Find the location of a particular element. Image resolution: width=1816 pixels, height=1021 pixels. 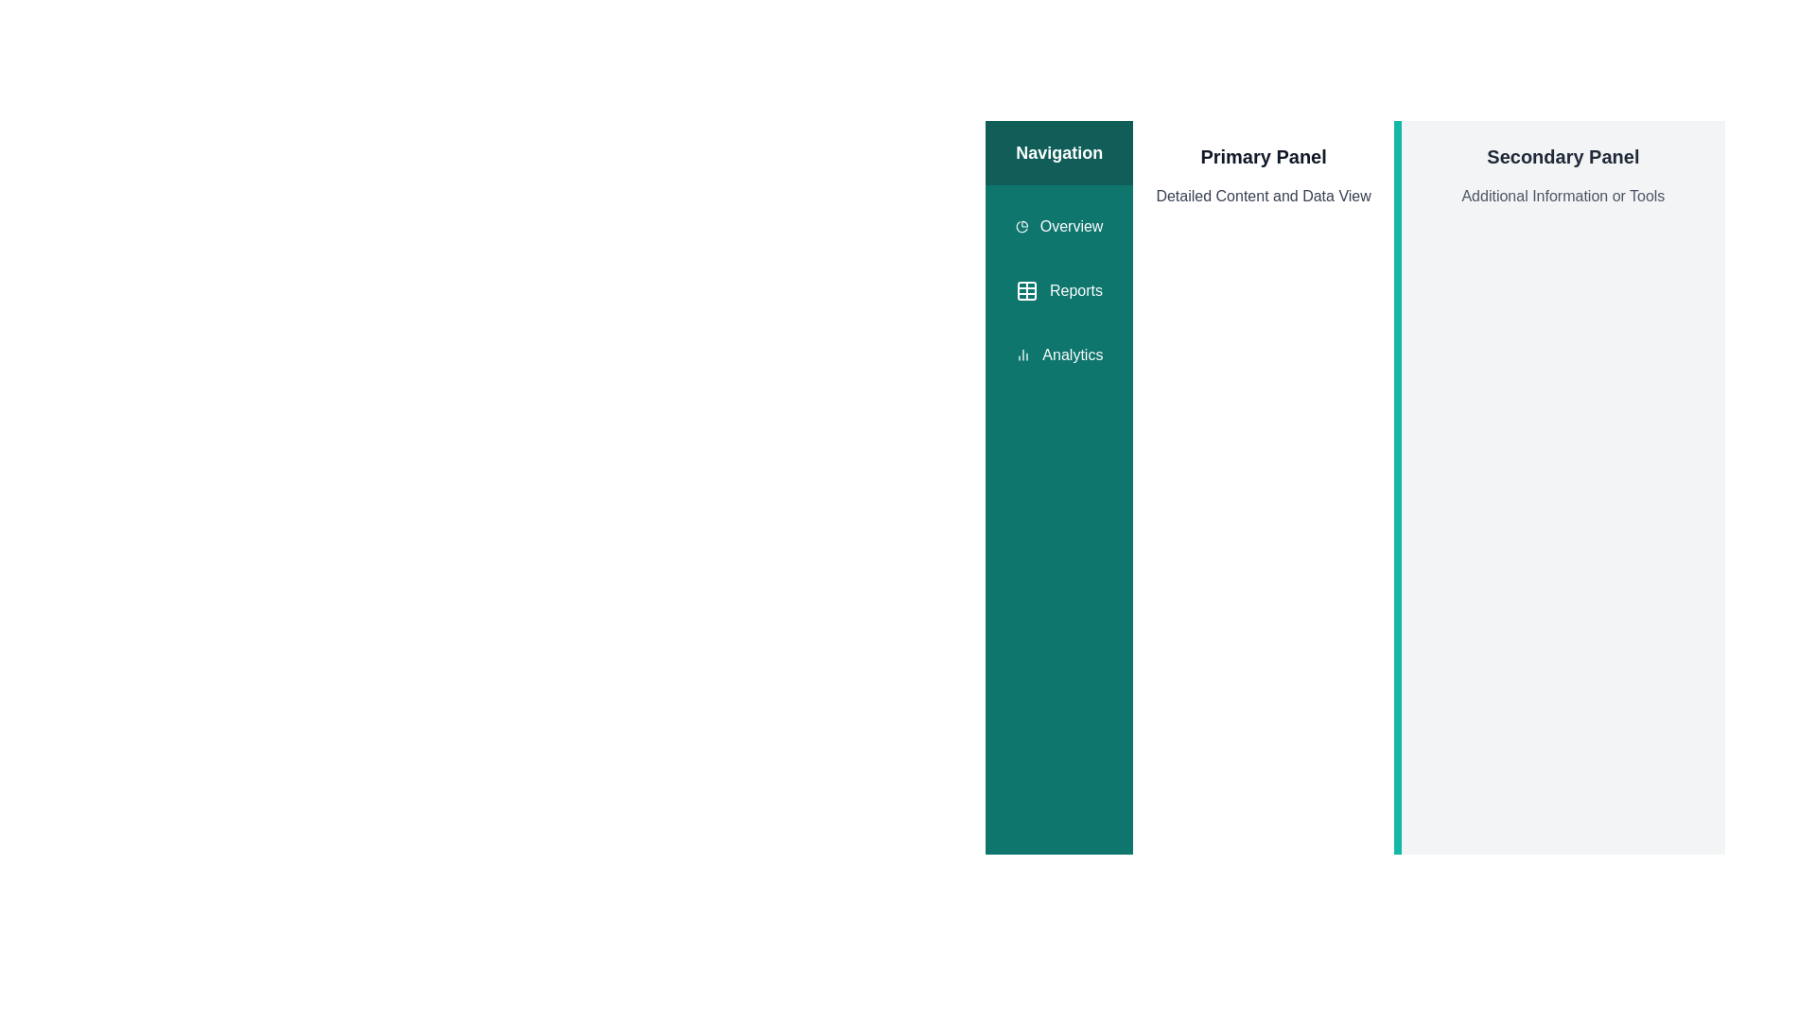

the text label that reads 'Additional Information or Tools', styled in gray font, located in the light gray section of the 'Secondary Panel' is located at coordinates (1563, 197).